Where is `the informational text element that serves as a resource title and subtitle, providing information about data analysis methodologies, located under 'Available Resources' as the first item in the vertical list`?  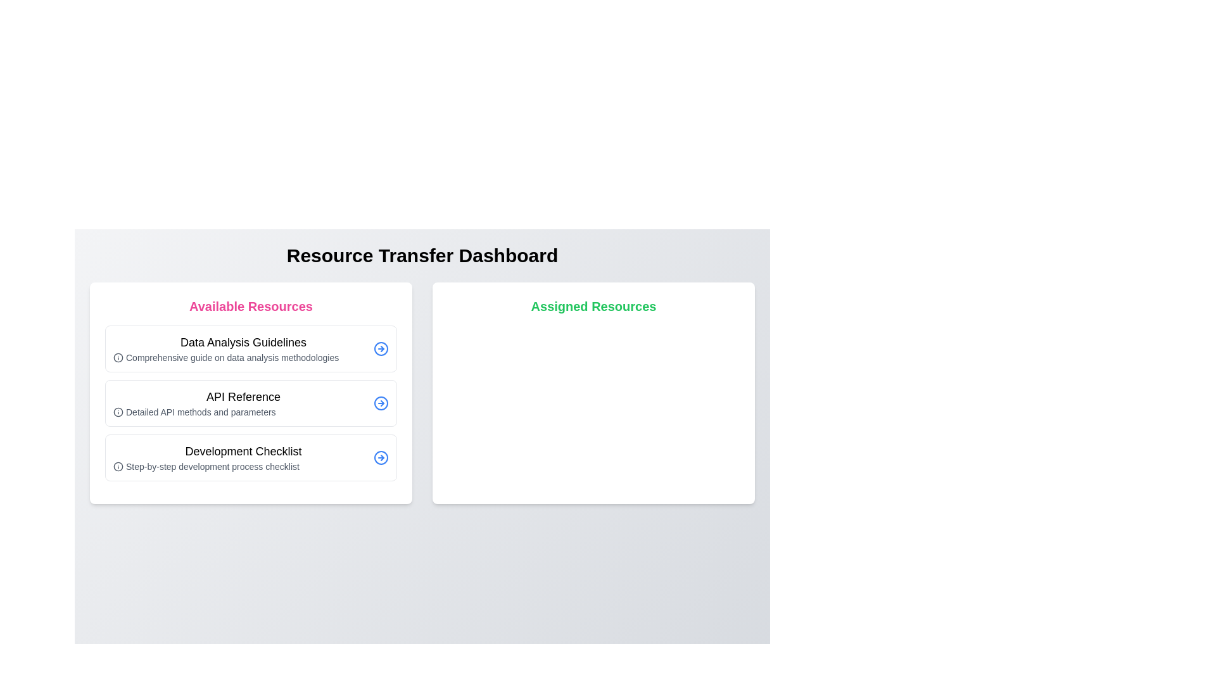
the informational text element that serves as a resource title and subtitle, providing information about data analysis methodologies, located under 'Available Resources' as the first item in the vertical list is located at coordinates (243, 349).